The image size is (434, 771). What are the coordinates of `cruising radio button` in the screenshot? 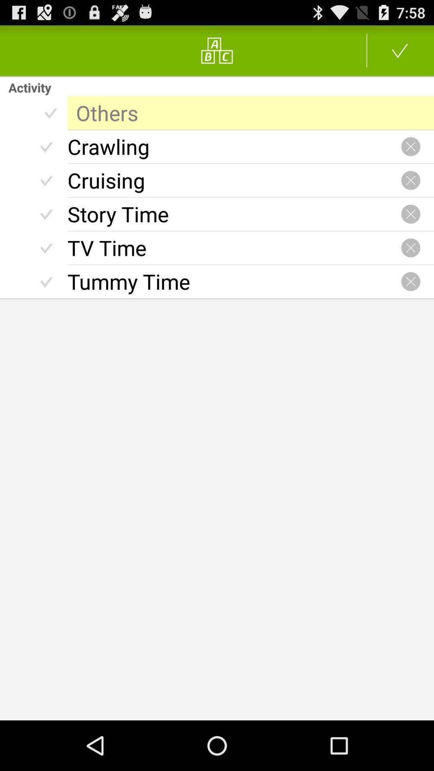 It's located at (234, 180).